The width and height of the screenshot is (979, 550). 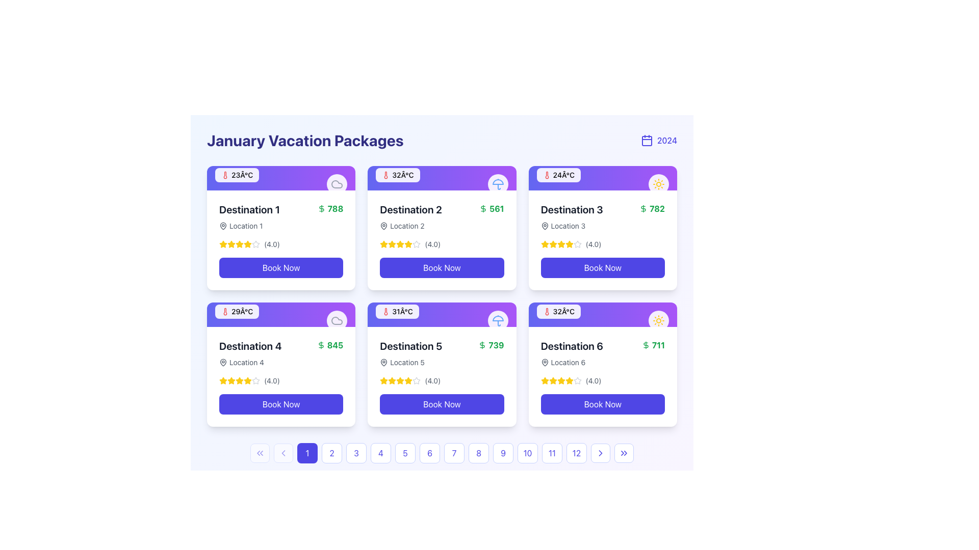 What do you see at coordinates (482, 345) in the screenshot?
I see `the green outlined dollar sign icon located to the left of the numeric text '739' in the pricing section of the 'Destination 5' card` at bounding box center [482, 345].